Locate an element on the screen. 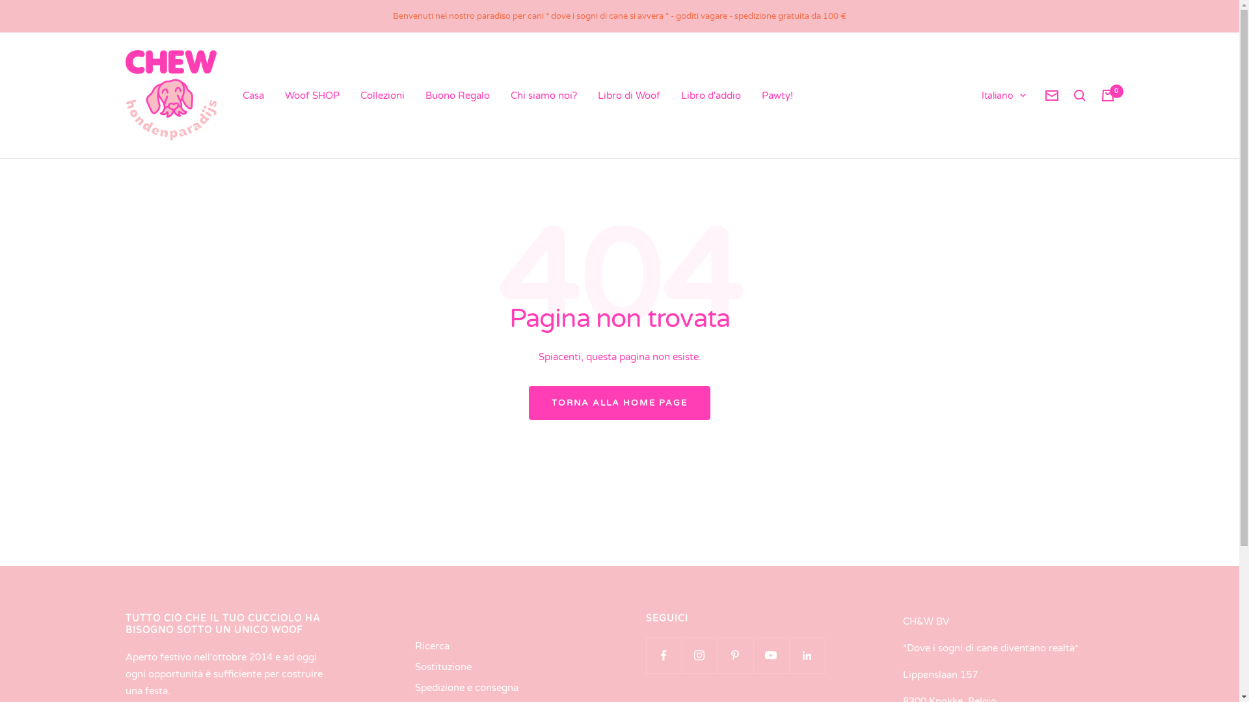 The image size is (1249, 702). 'TORNA ALLA HOME PAGE' is located at coordinates (619, 402).